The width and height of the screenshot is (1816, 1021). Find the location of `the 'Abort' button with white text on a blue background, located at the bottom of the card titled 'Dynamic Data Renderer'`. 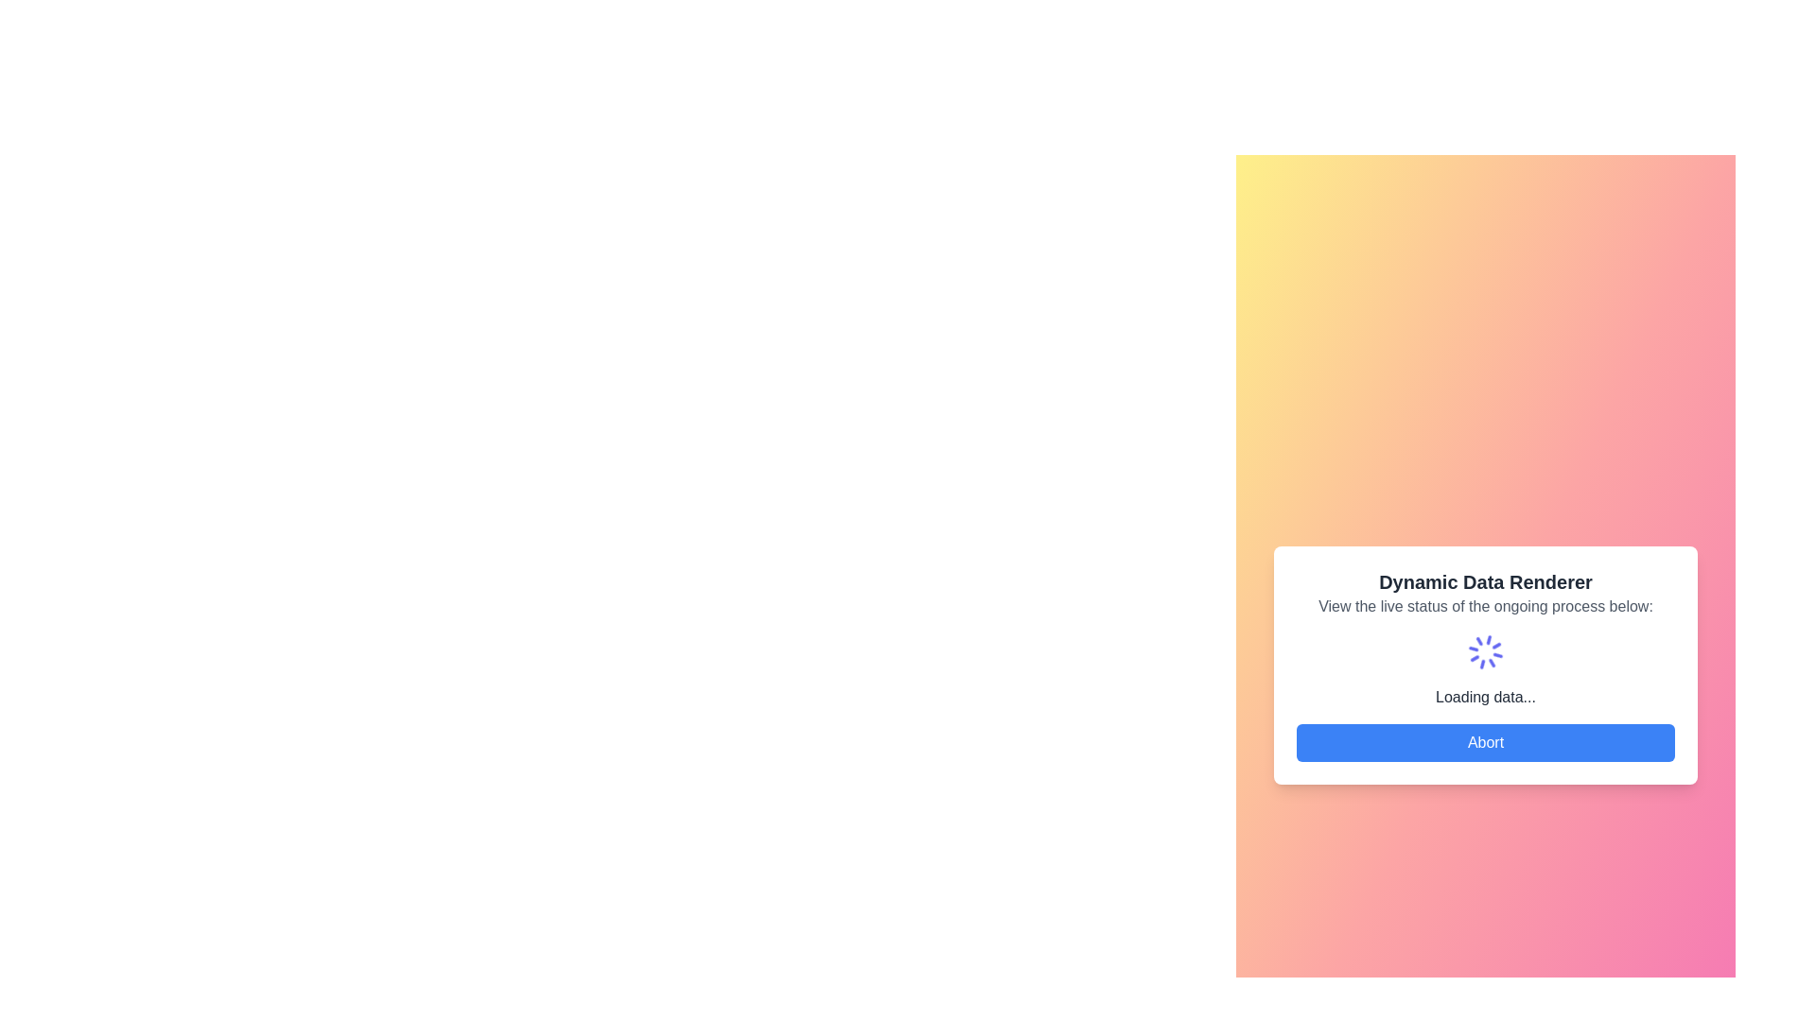

the 'Abort' button with white text on a blue background, located at the bottom of the card titled 'Dynamic Data Renderer' is located at coordinates (1484, 742).